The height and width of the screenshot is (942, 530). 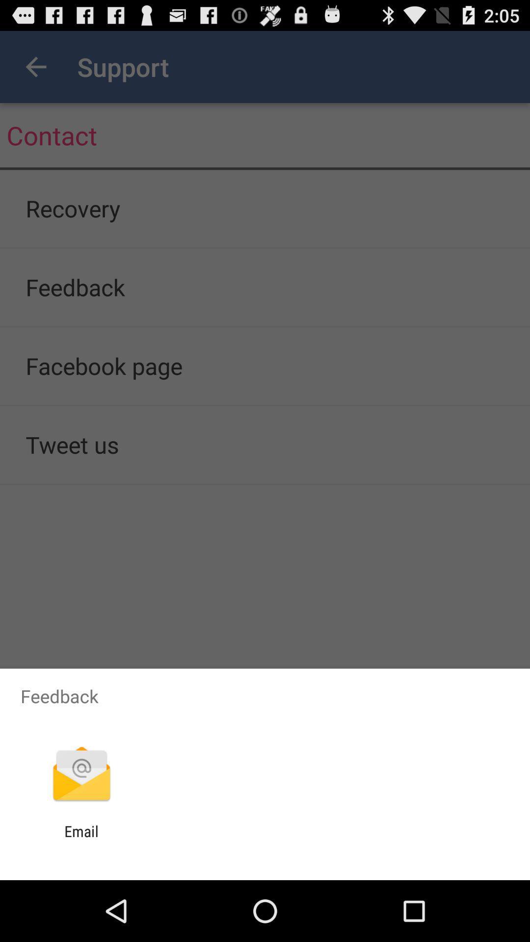 What do you see at coordinates (81, 775) in the screenshot?
I see `item below feedback item` at bounding box center [81, 775].